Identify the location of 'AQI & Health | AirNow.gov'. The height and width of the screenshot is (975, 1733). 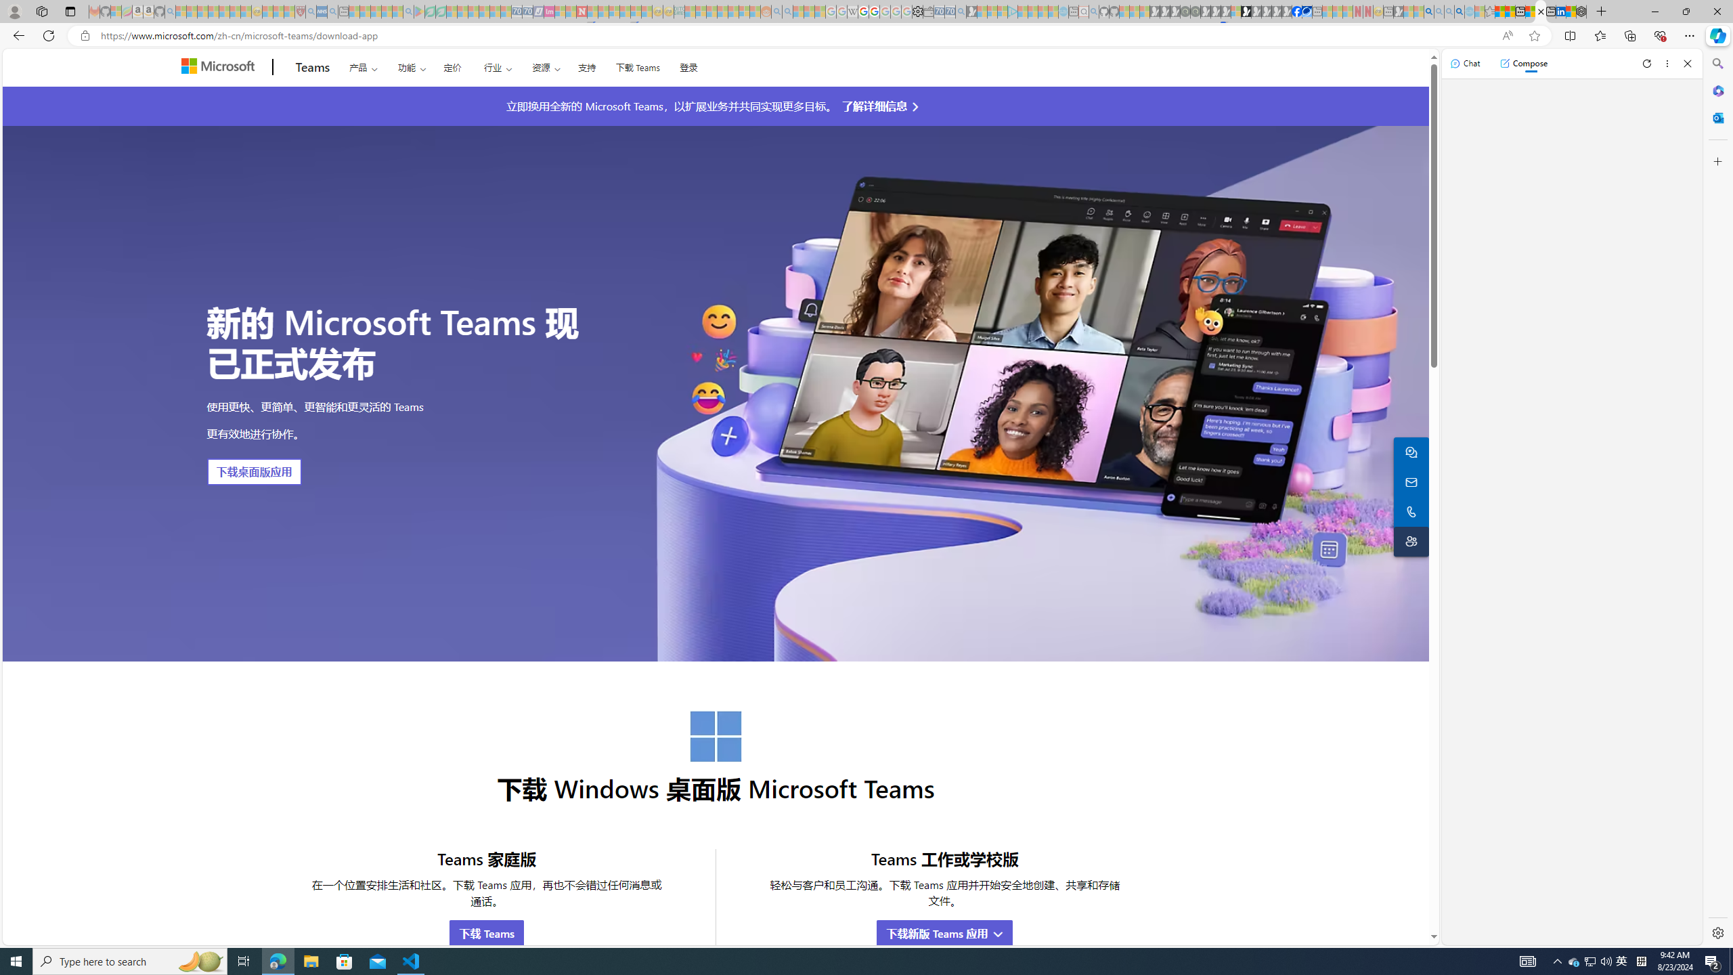
(1307, 11).